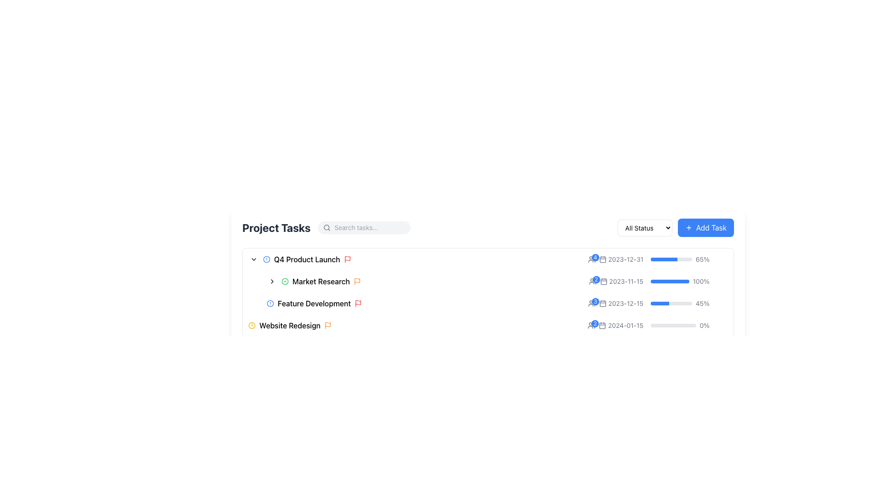 This screenshot has width=883, height=496. I want to click on the text input field labeled with the placeholder 'Search tasks...' which is part of the search bar component adjacent to the 'Project Tasks' label, so click(370, 227).